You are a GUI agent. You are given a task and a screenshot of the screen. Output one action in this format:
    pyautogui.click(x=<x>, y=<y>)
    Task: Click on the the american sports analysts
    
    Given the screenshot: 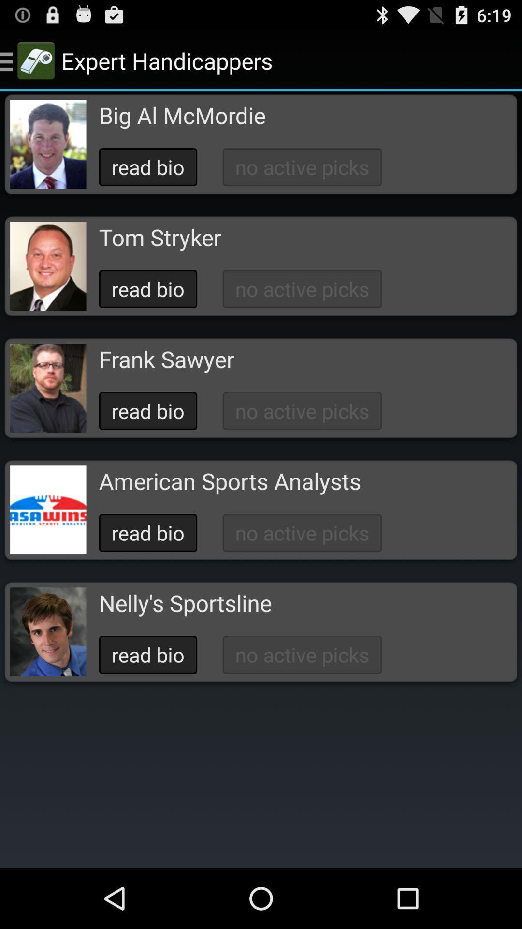 What is the action you would take?
    pyautogui.click(x=230, y=481)
    